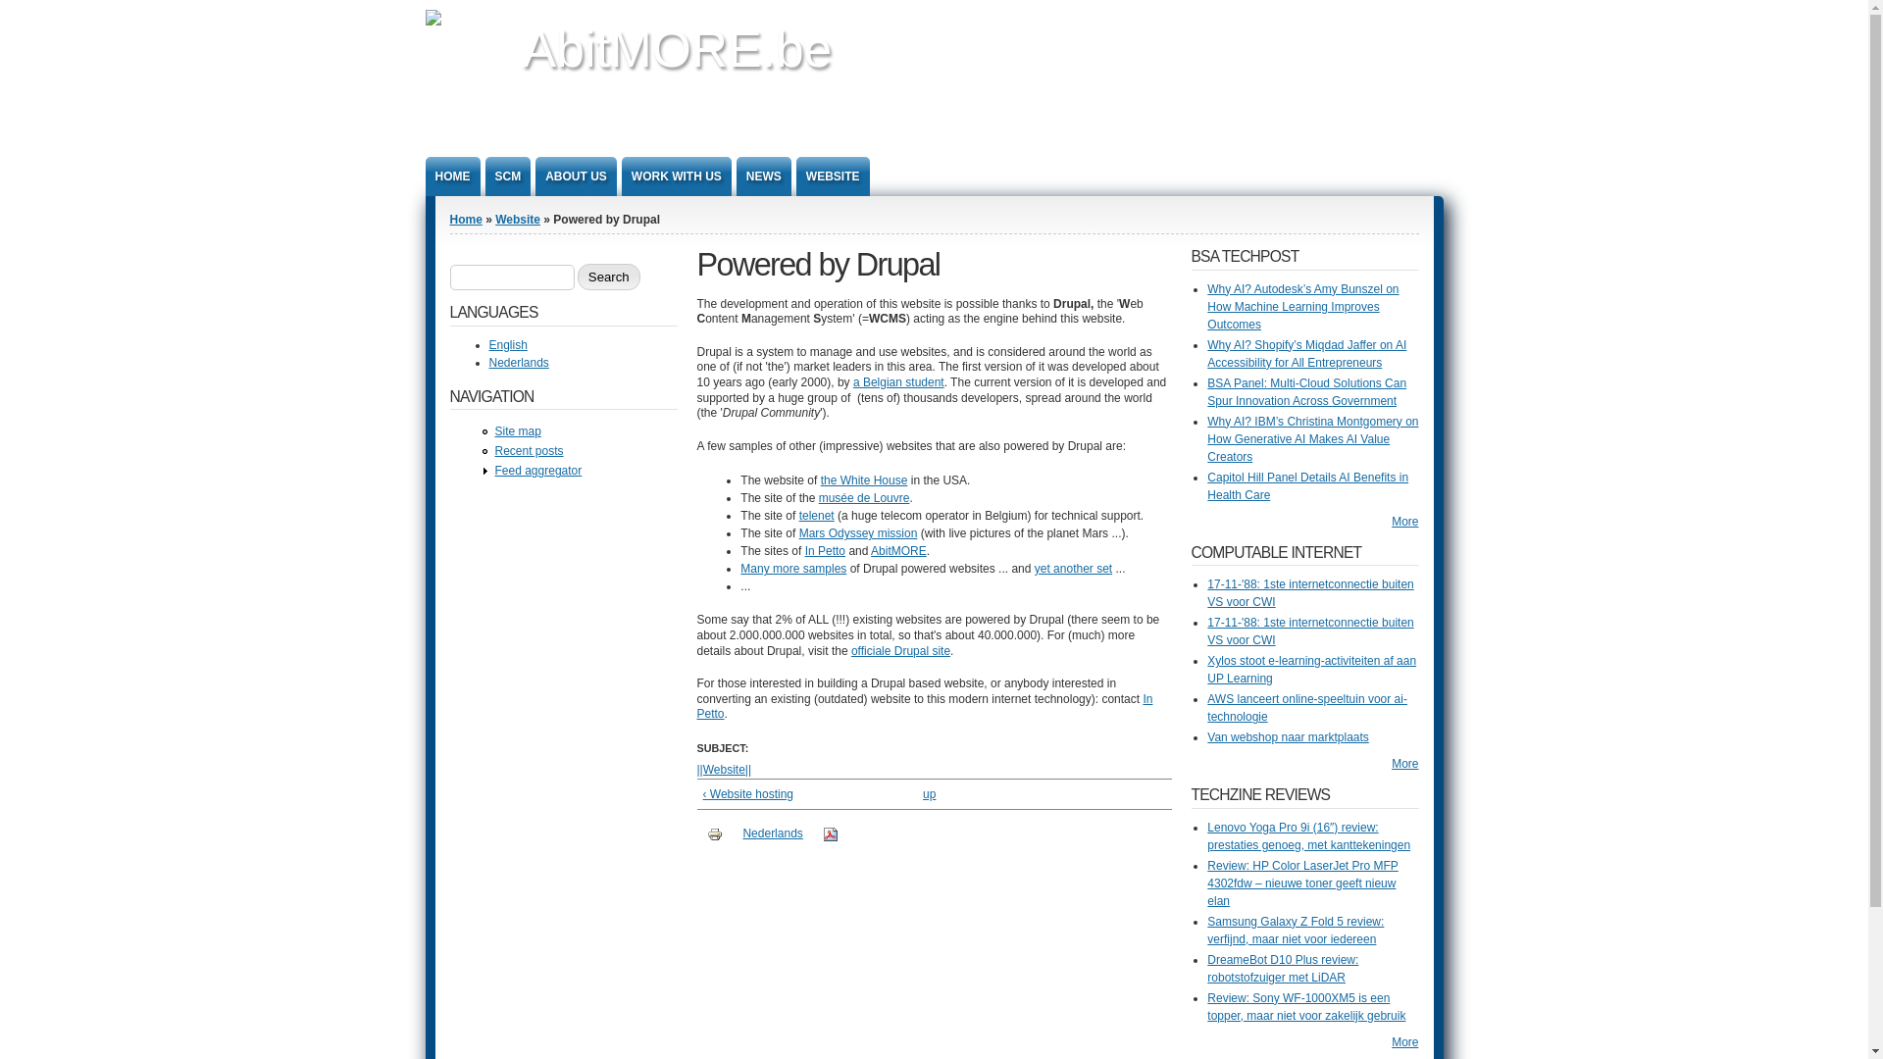 The width and height of the screenshot is (1883, 1059). What do you see at coordinates (607, 277) in the screenshot?
I see `'Search'` at bounding box center [607, 277].